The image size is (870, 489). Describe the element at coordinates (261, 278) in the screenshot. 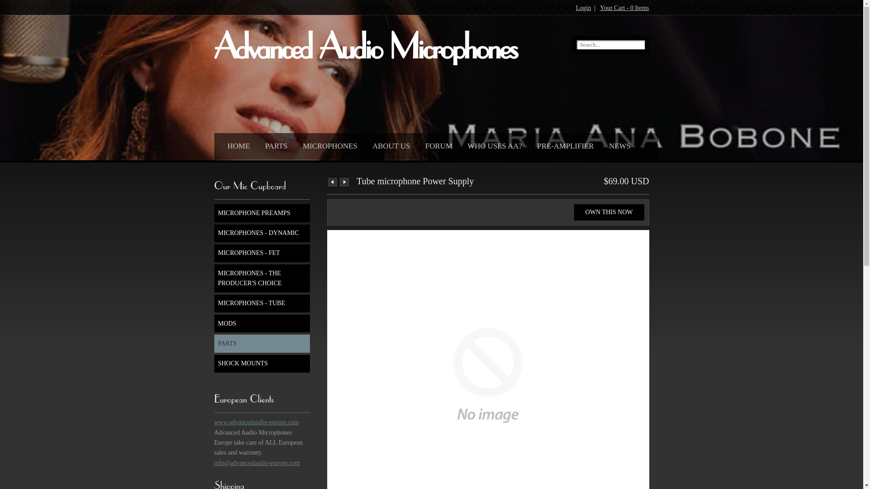

I see `'MICROPHONES - THE PRODUCER'S CHOICE'` at that location.